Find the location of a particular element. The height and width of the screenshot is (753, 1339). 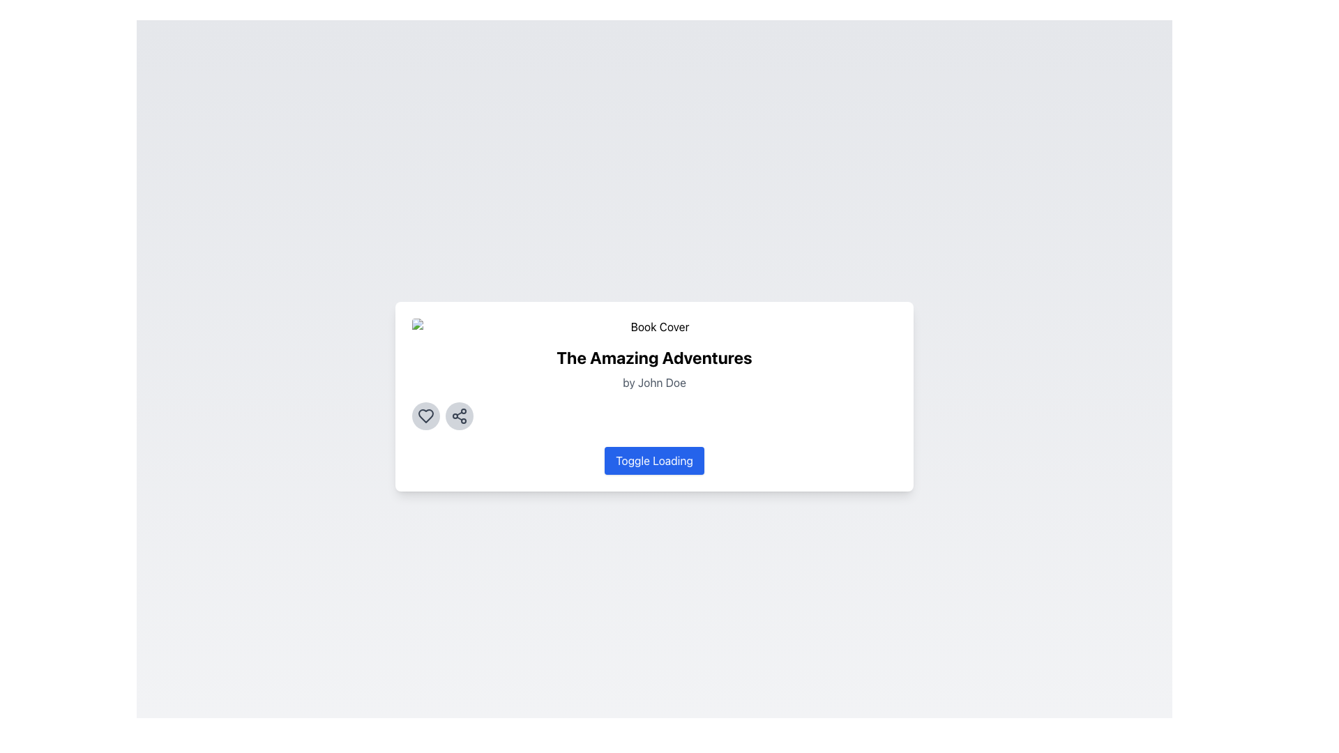

the heart icon located as the leftmost element in the row of buttons below the title 'The Amazing Adventures' is located at coordinates (425, 416).